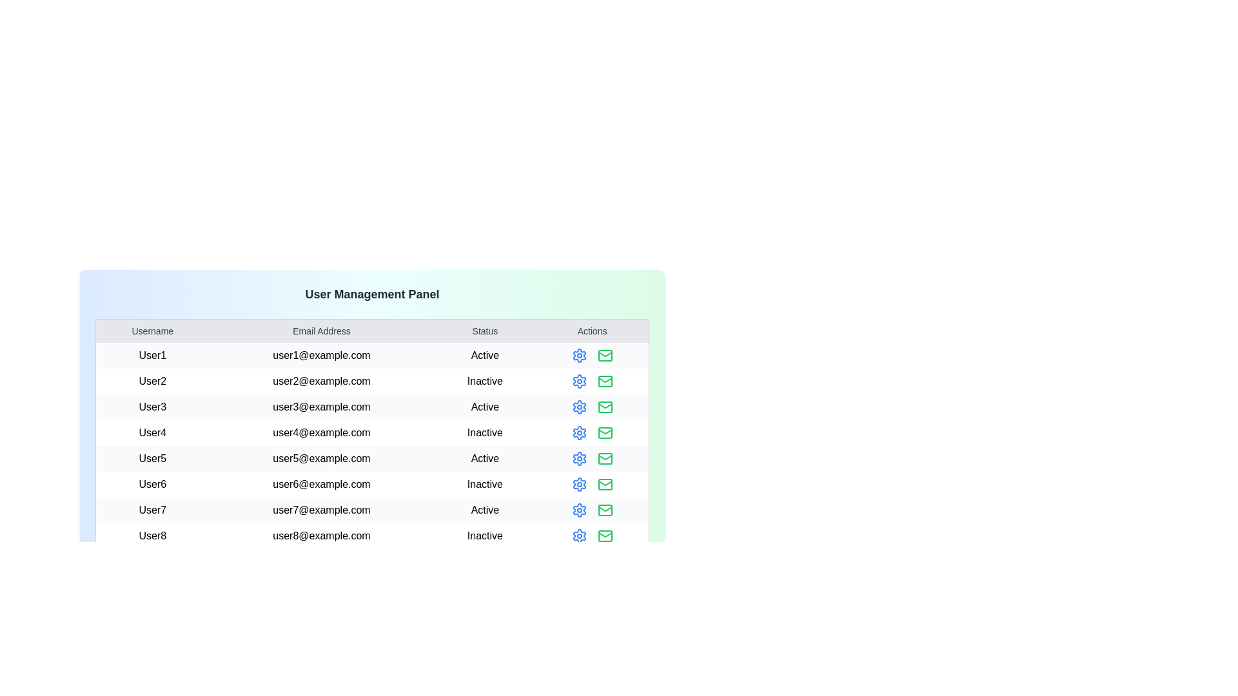 The height and width of the screenshot is (696, 1238). Describe the element at coordinates (322, 330) in the screenshot. I see `the table header labeled Email Address to sort the table by that column` at that location.